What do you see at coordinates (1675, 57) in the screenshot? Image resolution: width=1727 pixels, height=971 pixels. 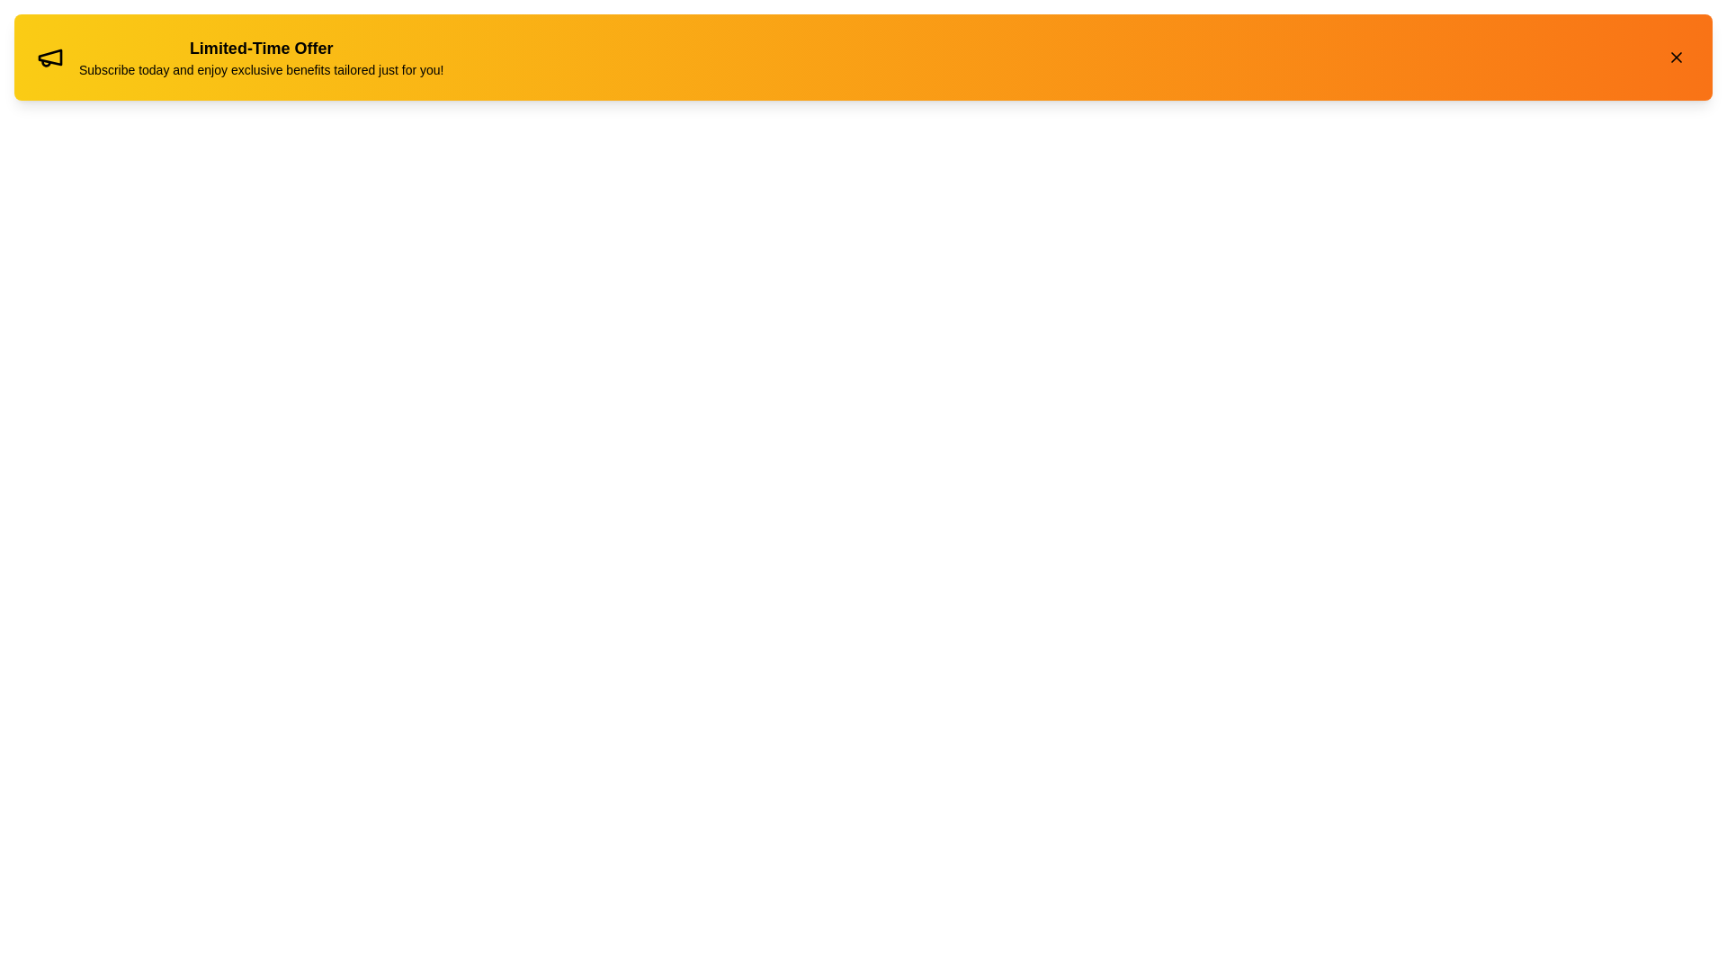 I see `the close button to dismiss the alert` at bounding box center [1675, 57].